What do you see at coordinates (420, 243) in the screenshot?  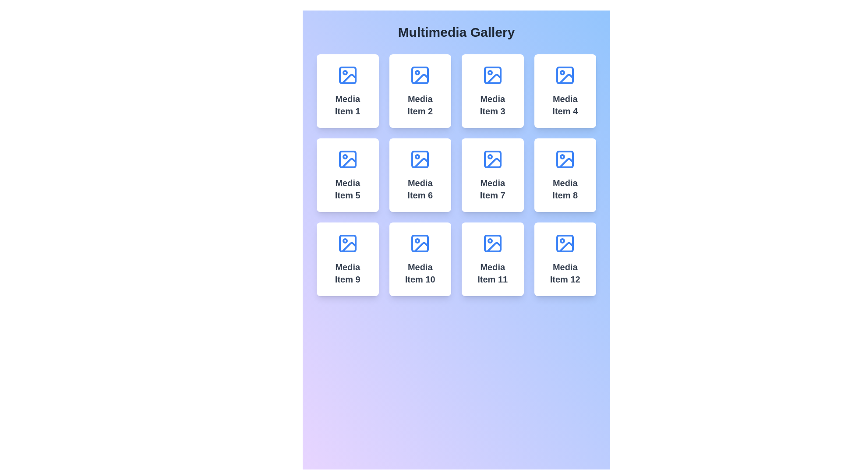 I see `the main rectangular shape within the image icon of 'Media Item 10' to focus on the media item` at bounding box center [420, 243].